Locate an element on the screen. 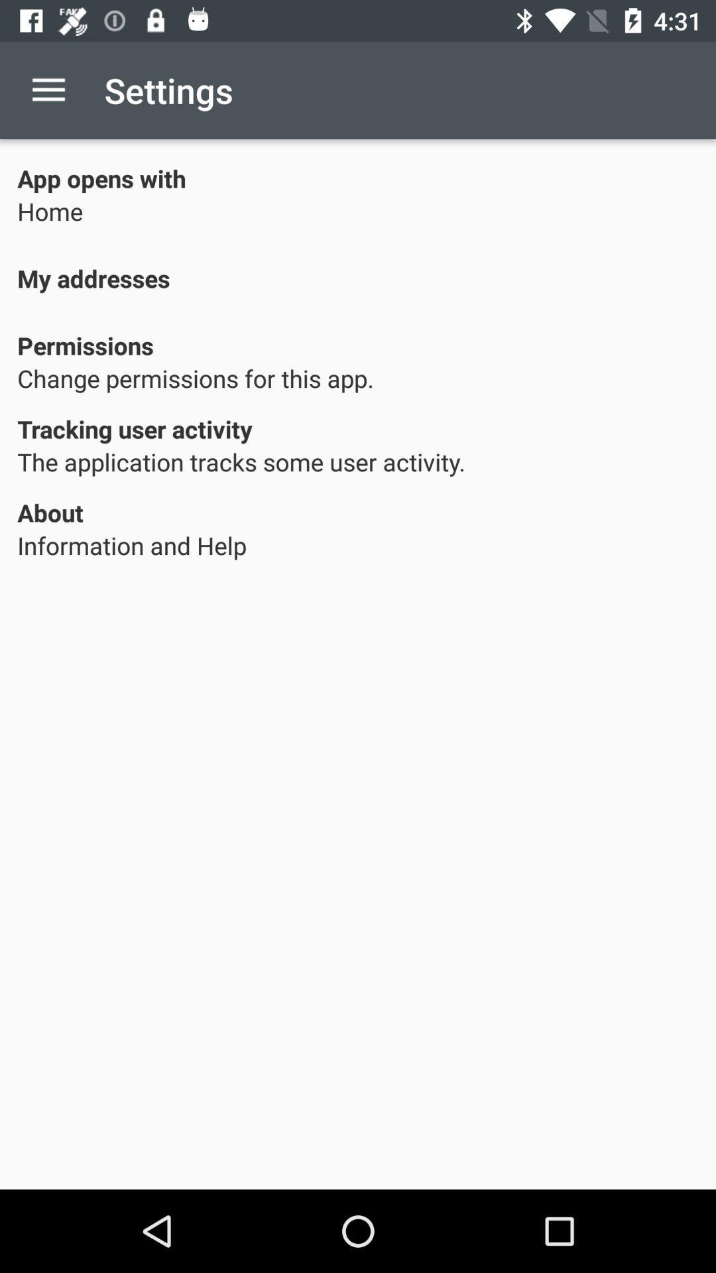  the item next to the settings is located at coordinates (48, 90).